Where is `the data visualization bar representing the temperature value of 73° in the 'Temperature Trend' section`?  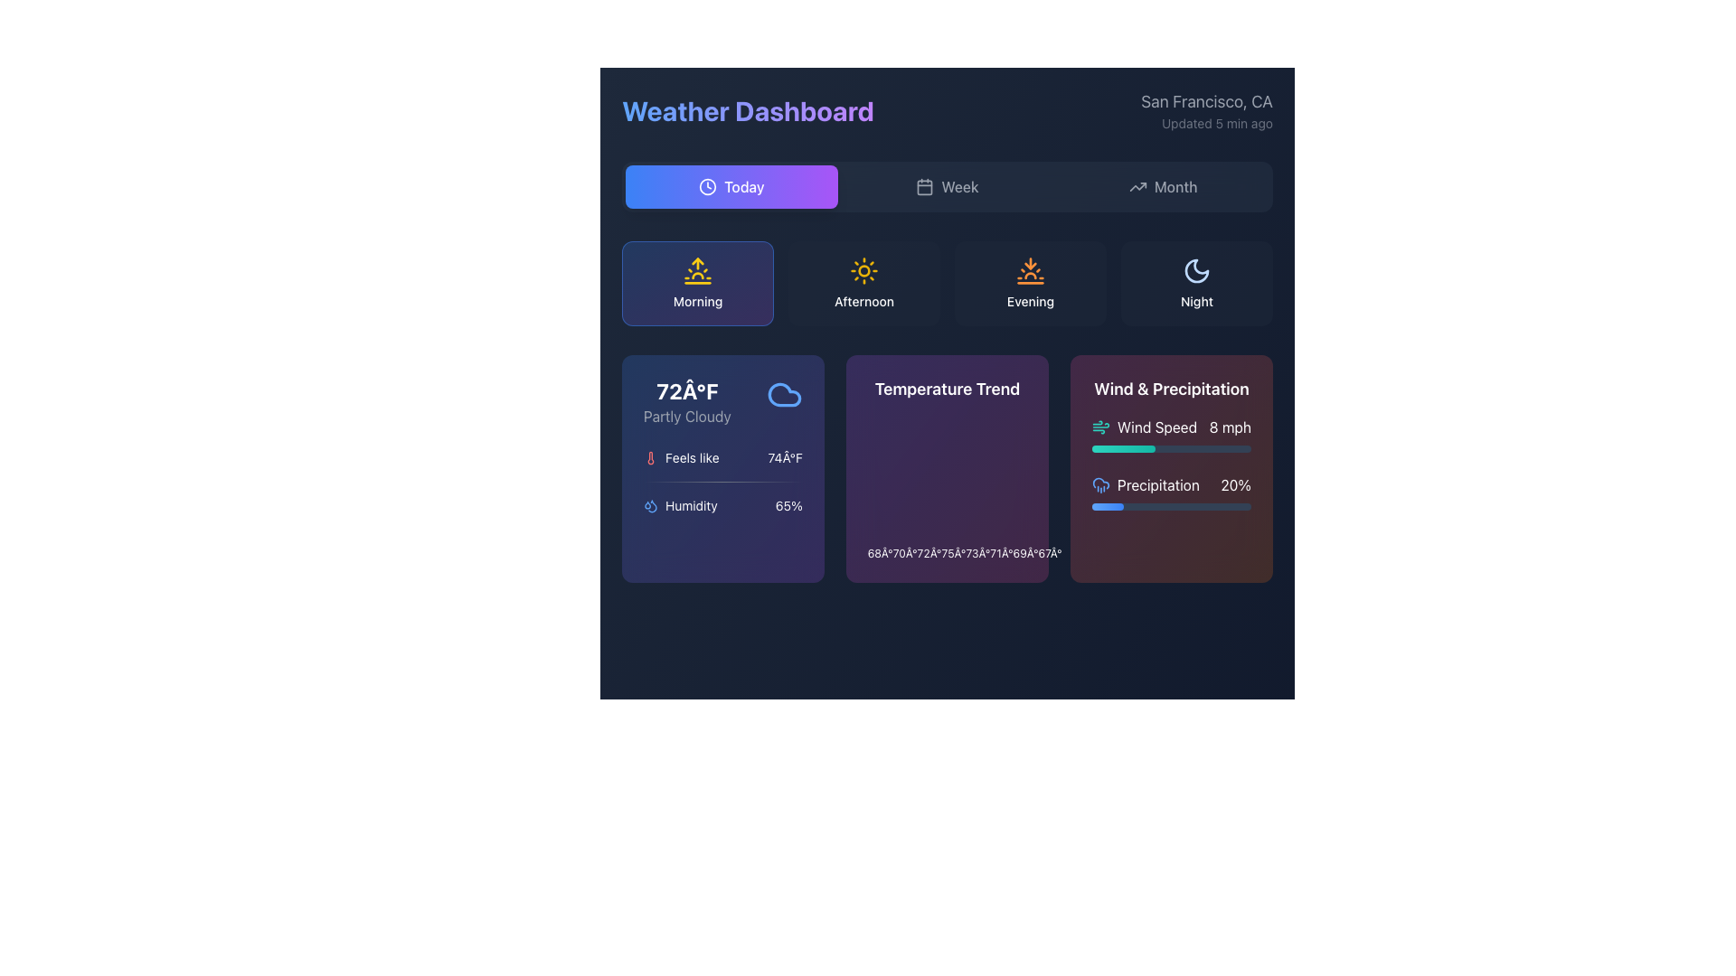 the data visualization bar representing the temperature value of 73° in the 'Temperature Trend' section is located at coordinates (977, 549).